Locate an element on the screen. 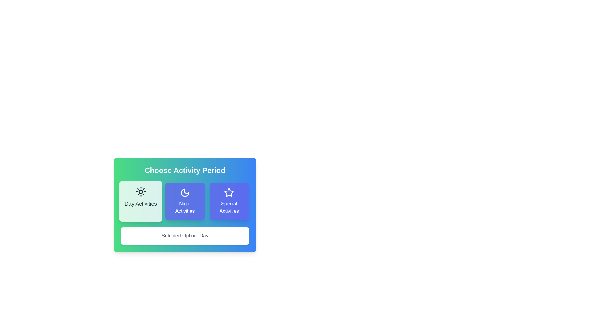 This screenshot has width=592, height=333. the text element displaying 'Choose Activity Period', which is prominently featured in white, bold font on a colorful gradient background is located at coordinates (185, 170).